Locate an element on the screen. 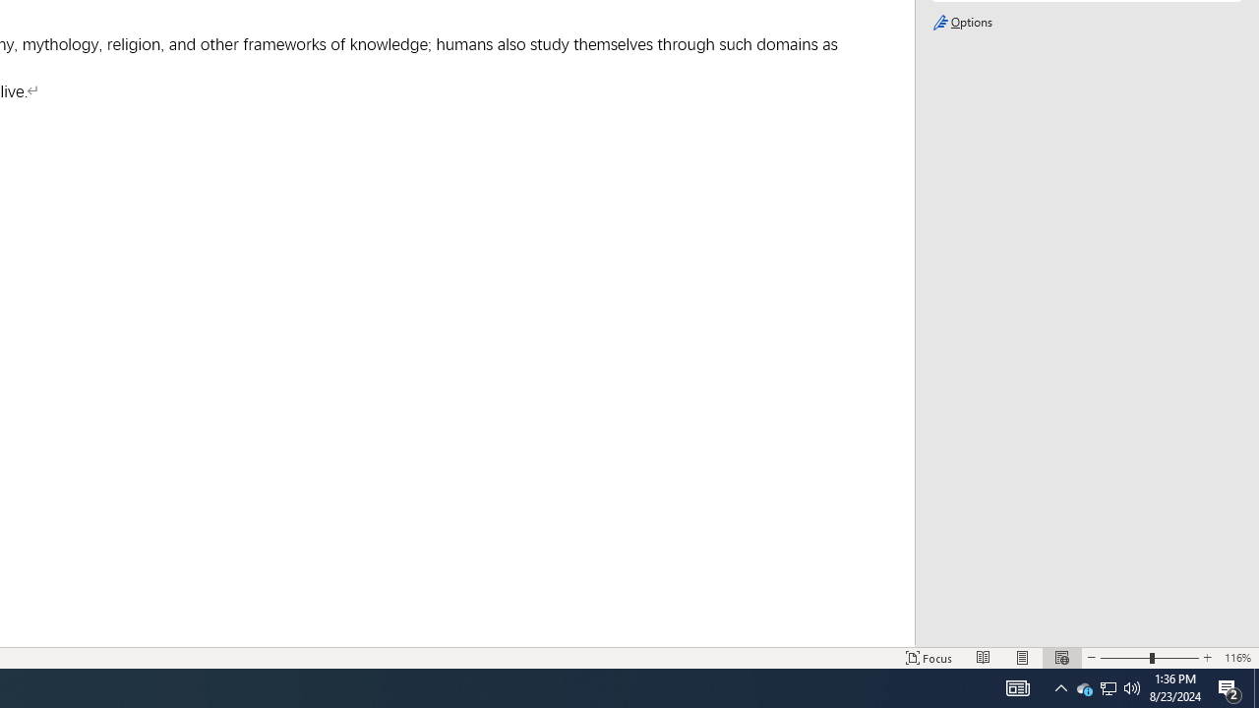  'Read Mode' is located at coordinates (984, 658).